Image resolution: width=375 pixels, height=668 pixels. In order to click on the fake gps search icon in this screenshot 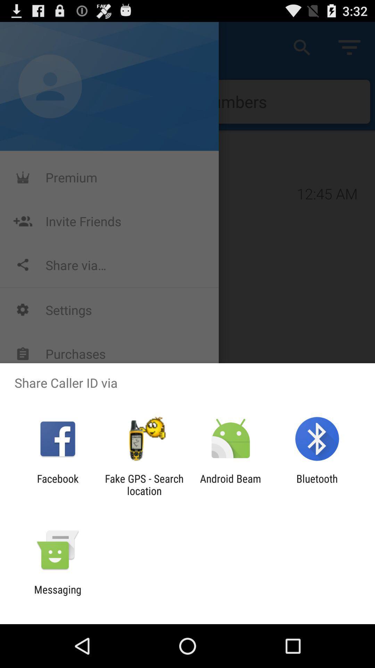, I will do `click(144, 484)`.